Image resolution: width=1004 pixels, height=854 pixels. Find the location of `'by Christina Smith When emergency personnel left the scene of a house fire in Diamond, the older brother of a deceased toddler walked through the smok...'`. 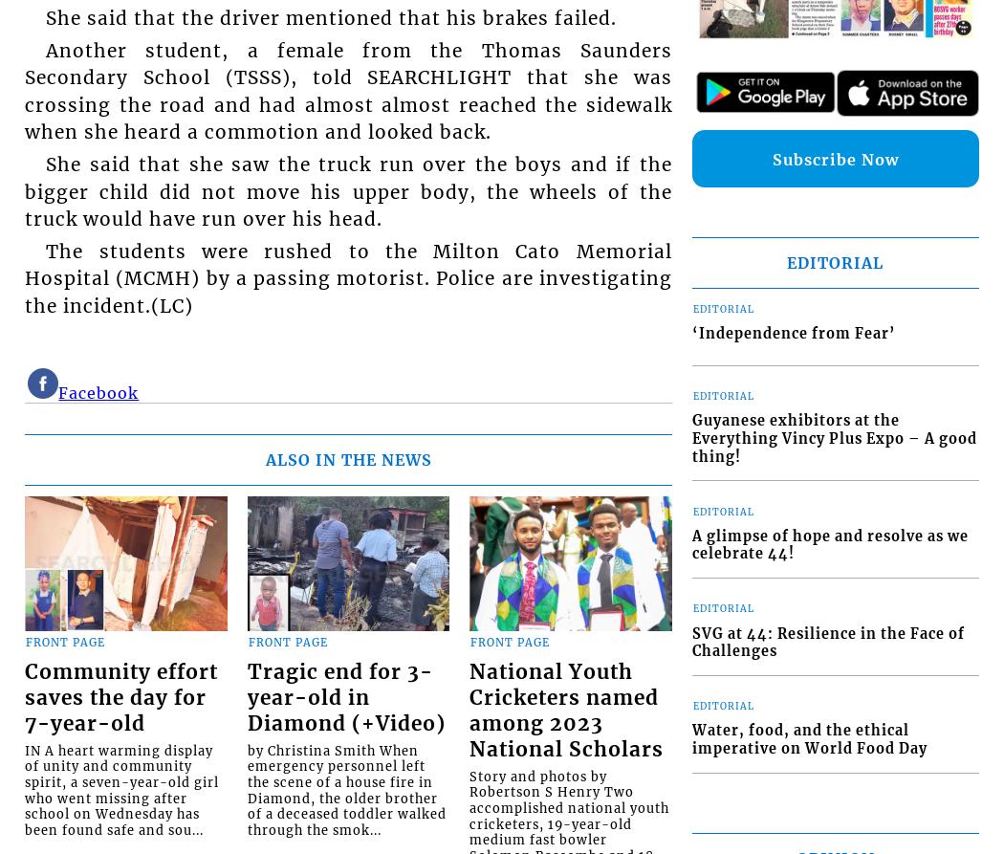

'by Christina Smith When emergency personnel left the scene of a house fire in Diamond, the older brother of a deceased toddler walked through the smok...' is located at coordinates (345, 788).